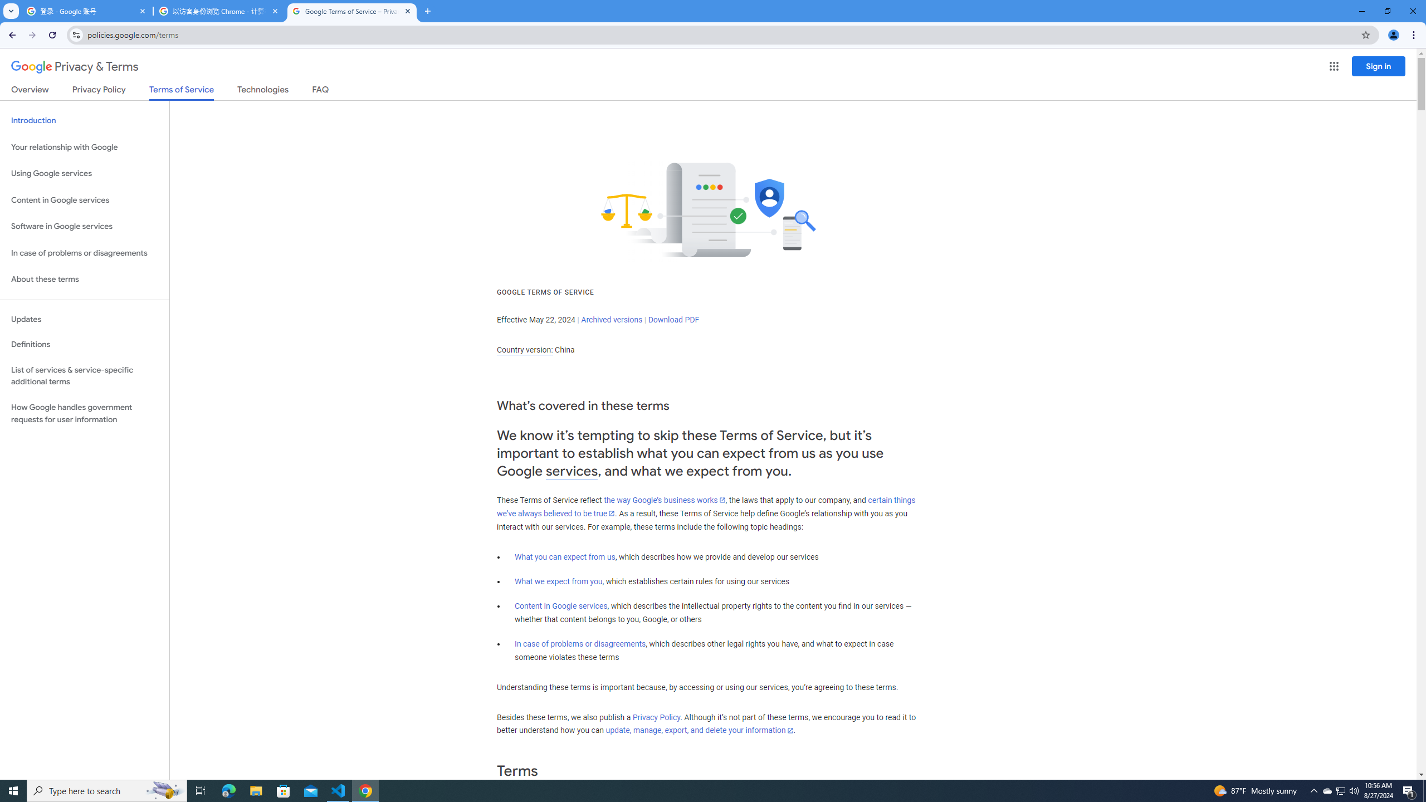 The image size is (1426, 802). Describe the element at coordinates (84, 173) in the screenshot. I see `'Using Google services'` at that location.